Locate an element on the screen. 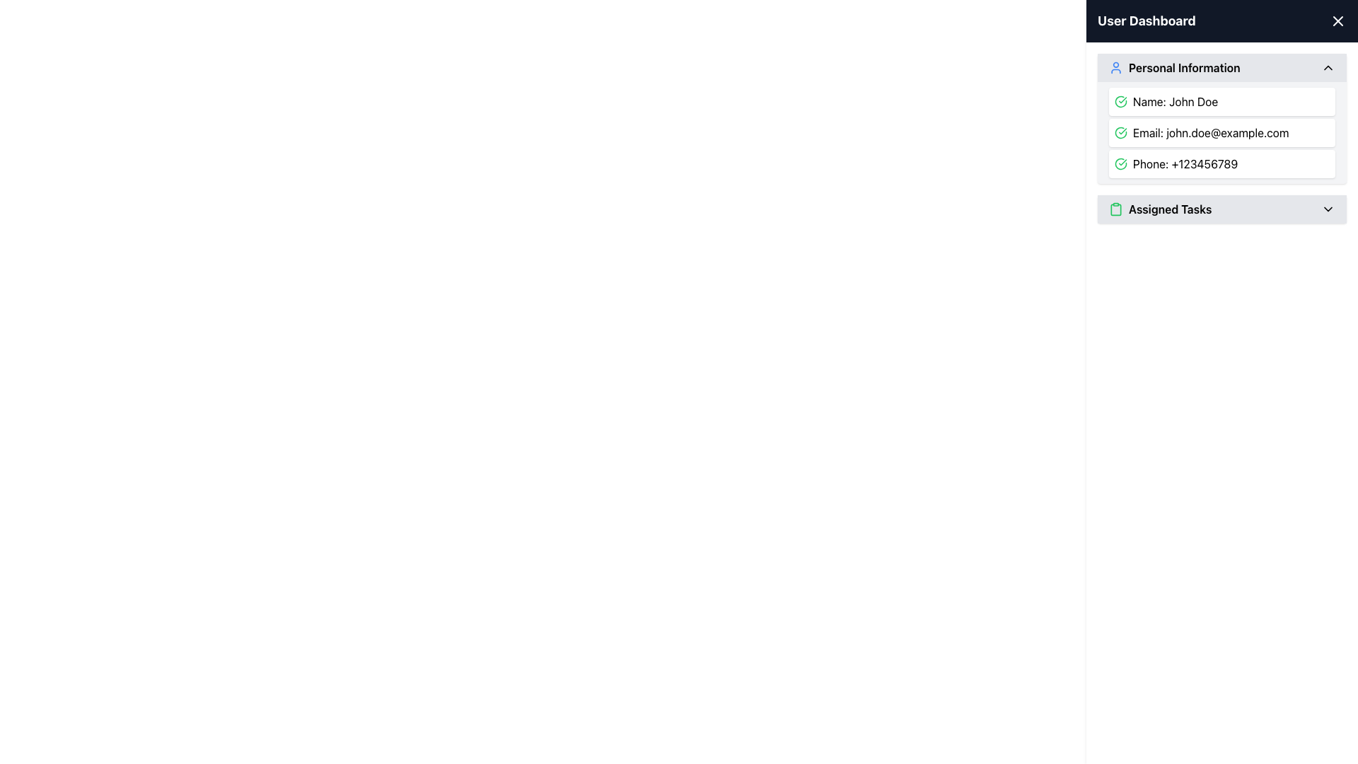 The image size is (1358, 764). the email address display with a visual confirmation indicator located in the 'Personal Information' section, situated between the 'Name: John Doe' and 'Phone: +123456789' entries is located at coordinates (1221, 133).